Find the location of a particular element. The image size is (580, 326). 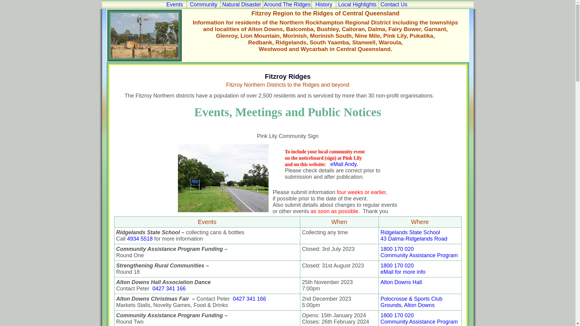

'Around The Ridges' is located at coordinates (287, 5).